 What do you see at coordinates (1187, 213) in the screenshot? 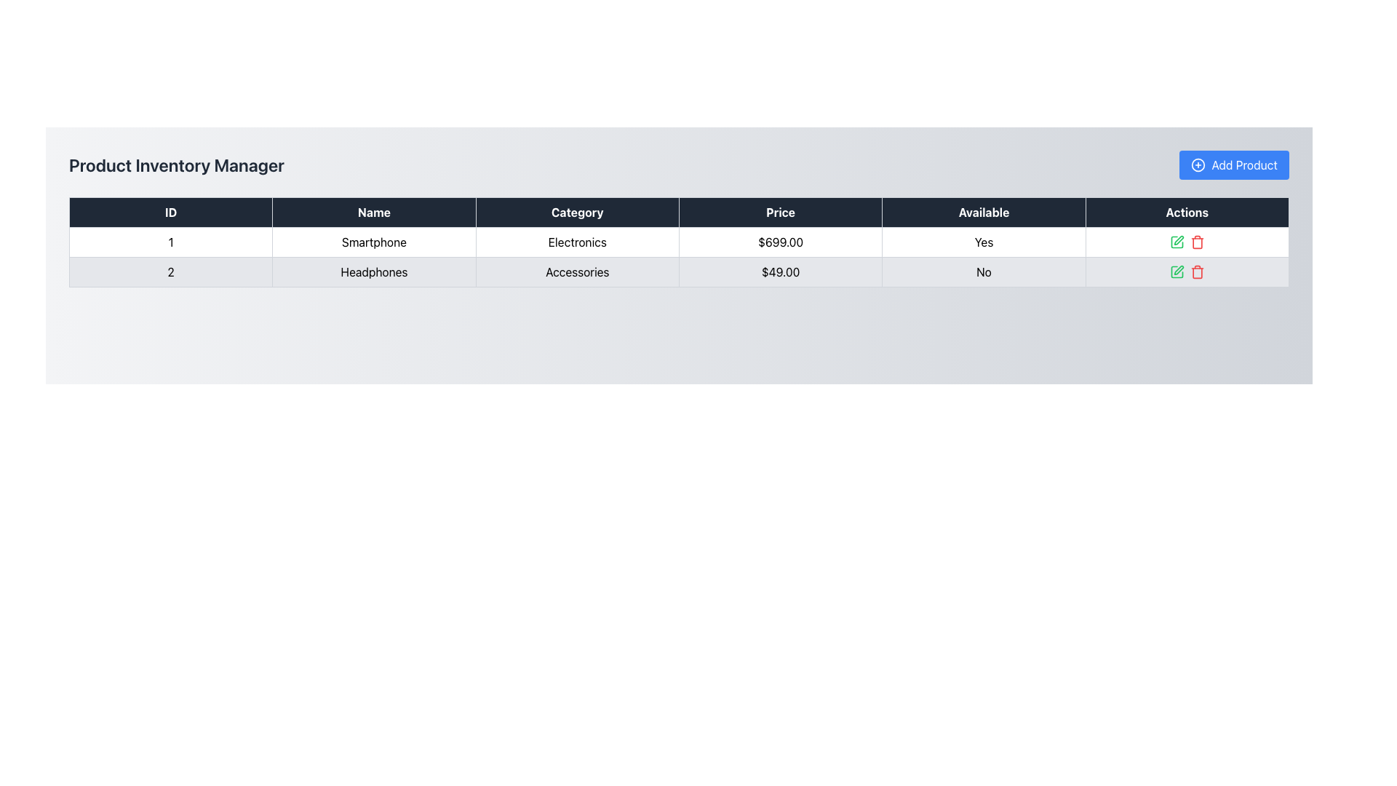
I see `the Table Header for the 'Actions' column, which is the last column header in the table, located at the rightmost end of the header row` at bounding box center [1187, 213].